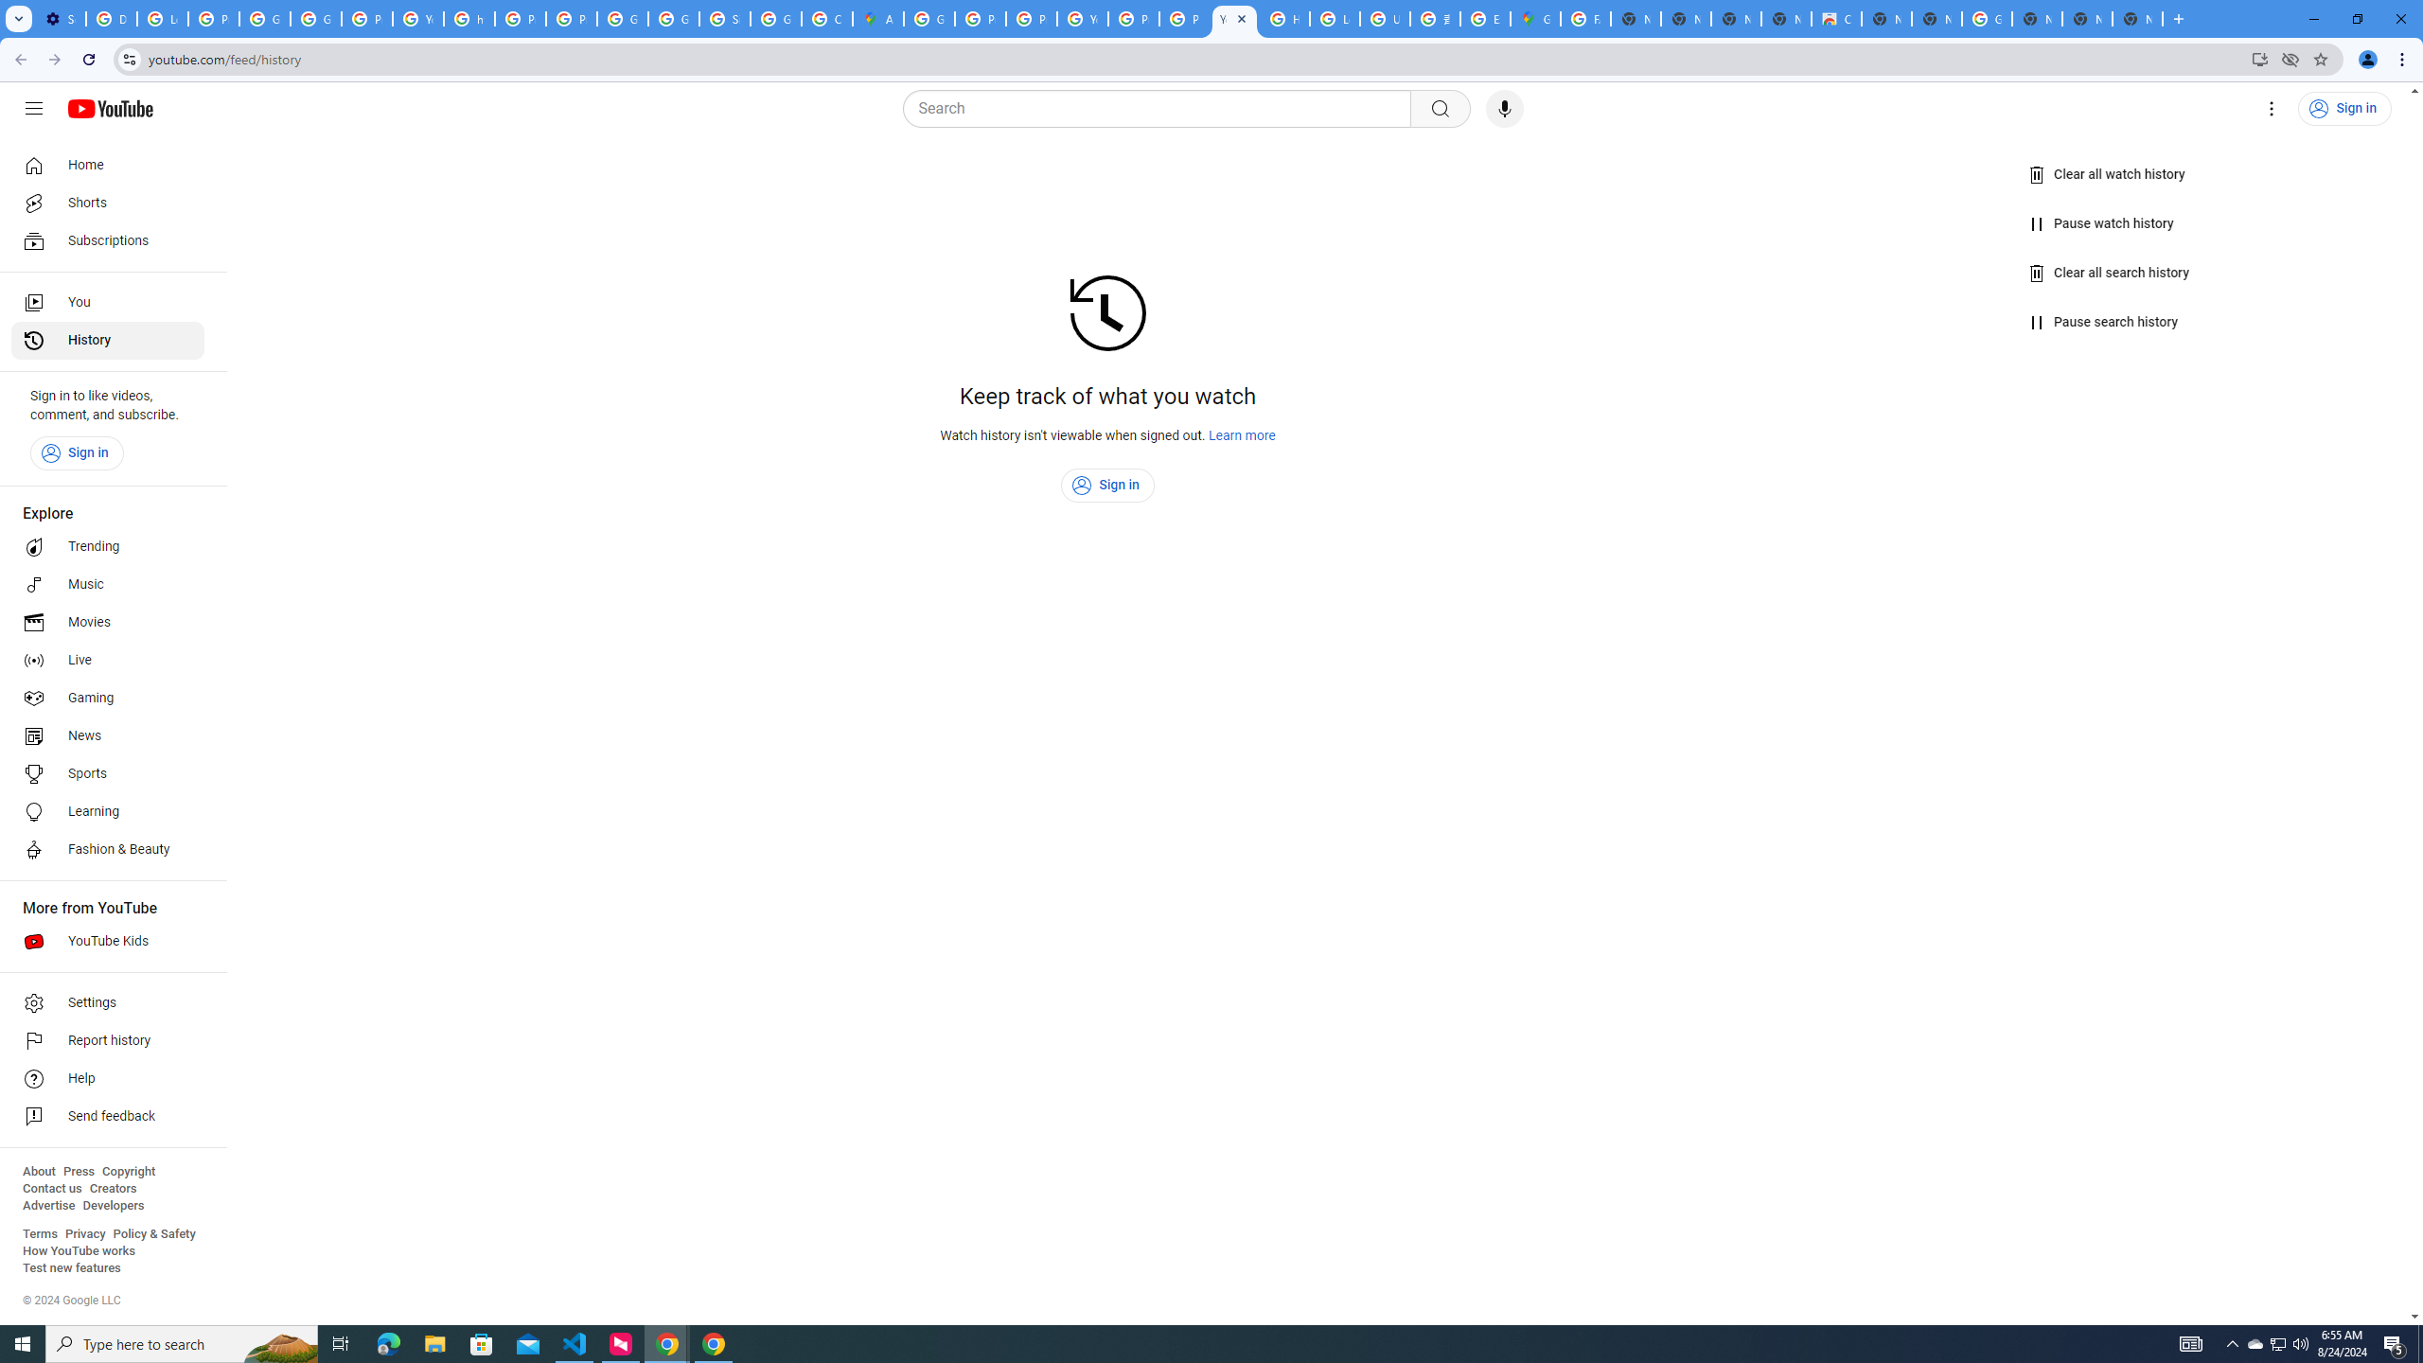  I want to click on 'Live', so click(107, 660).